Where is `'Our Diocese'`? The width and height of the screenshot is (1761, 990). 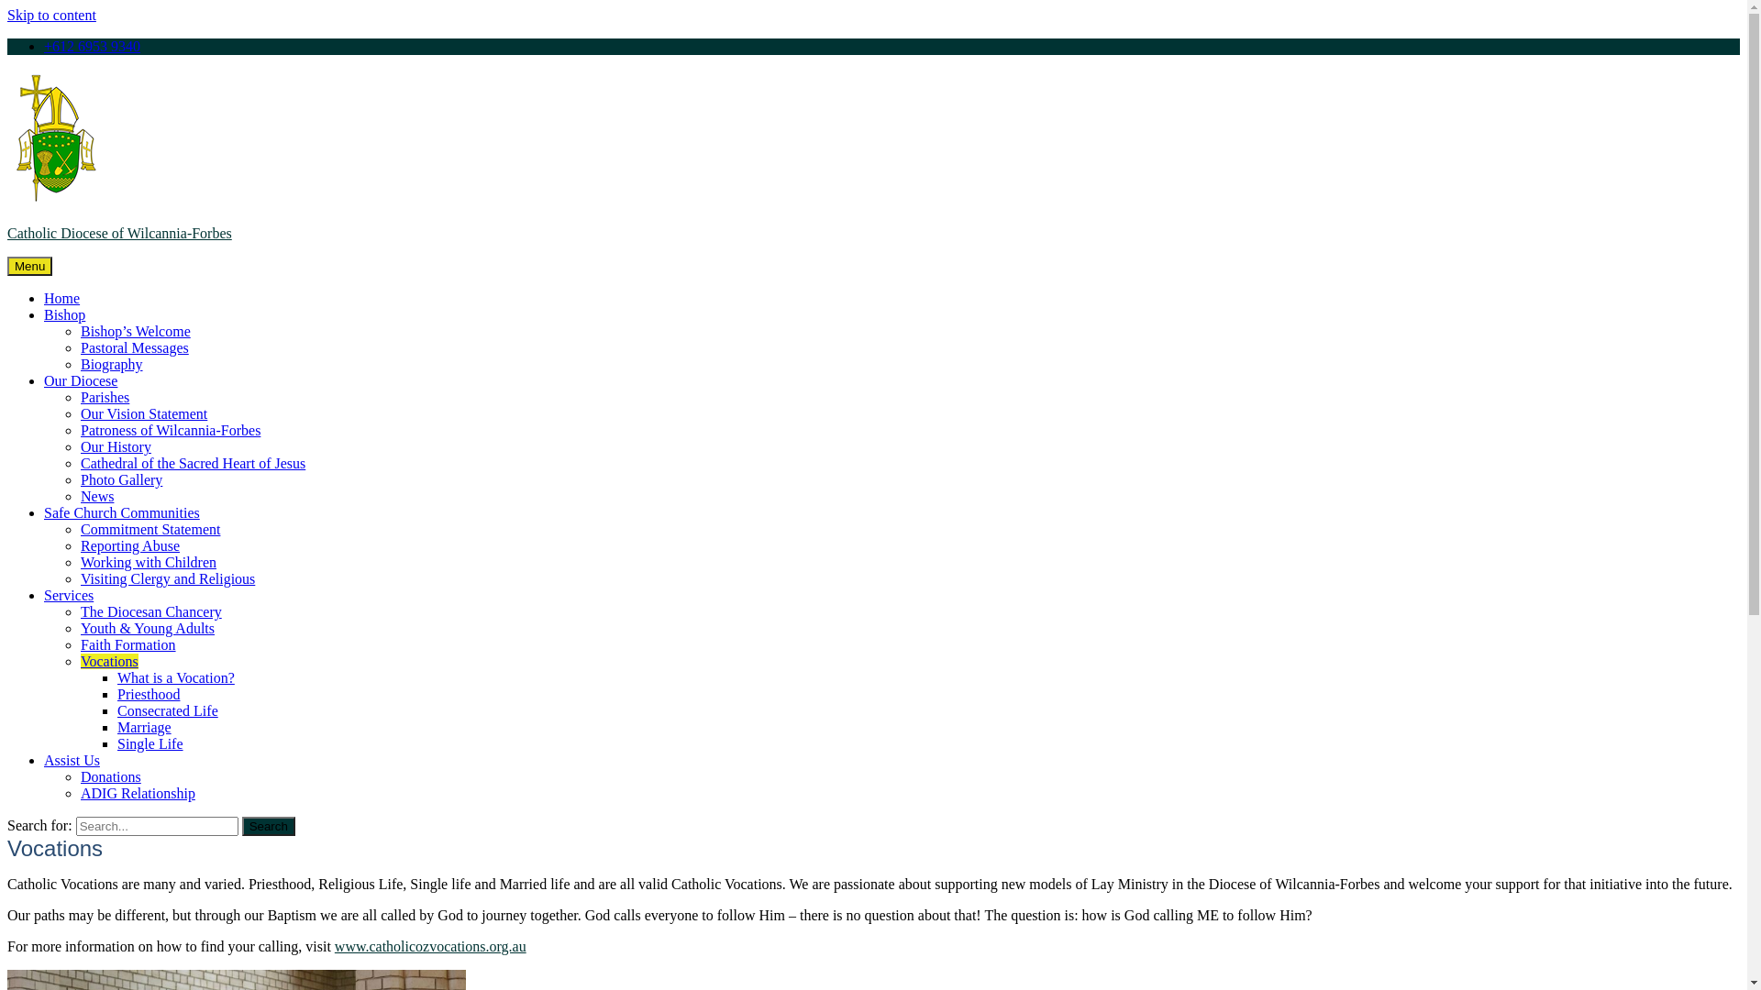 'Our Diocese' is located at coordinates (44, 379).